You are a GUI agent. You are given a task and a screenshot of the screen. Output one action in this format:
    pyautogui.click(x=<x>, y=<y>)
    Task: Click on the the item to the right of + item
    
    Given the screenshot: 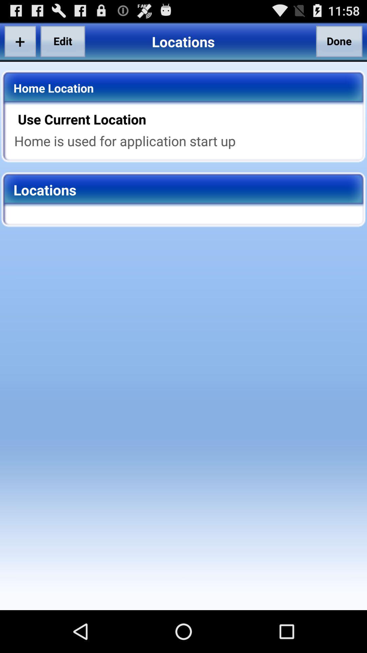 What is the action you would take?
    pyautogui.click(x=63, y=41)
    